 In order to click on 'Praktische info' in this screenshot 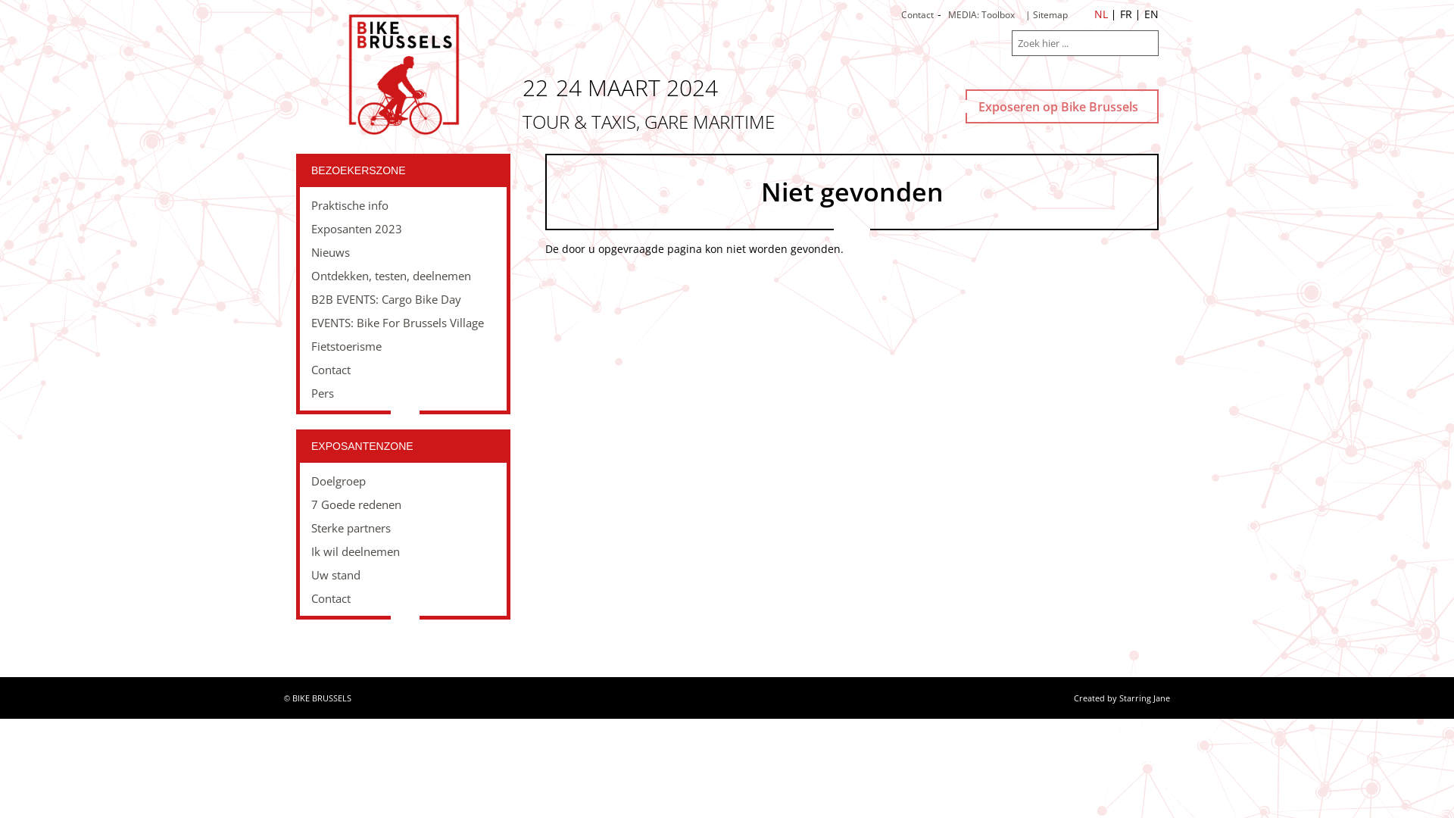, I will do `click(403, 205)`.